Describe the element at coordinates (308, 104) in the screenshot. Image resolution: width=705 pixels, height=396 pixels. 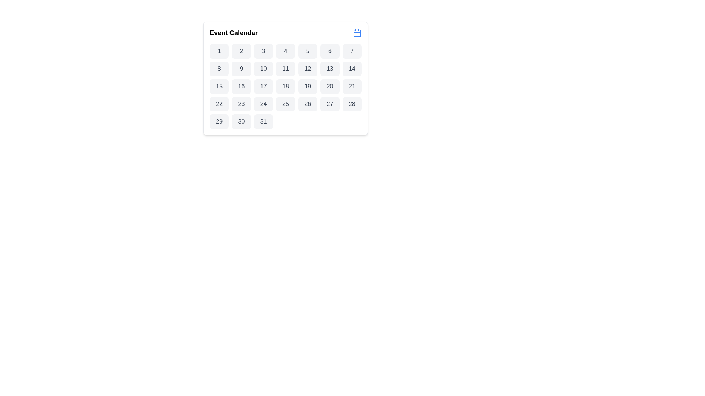
I see `the small rounded rectangular button containing the number '26' in a gray background within the calendar grid` at that location.